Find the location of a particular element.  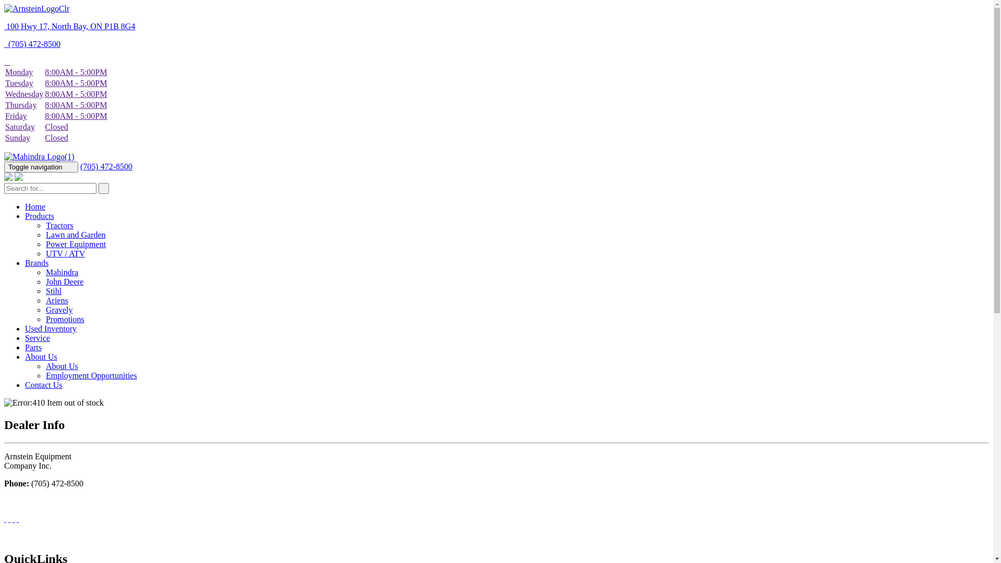

'Tractors' is located at coordinates (59, 225).